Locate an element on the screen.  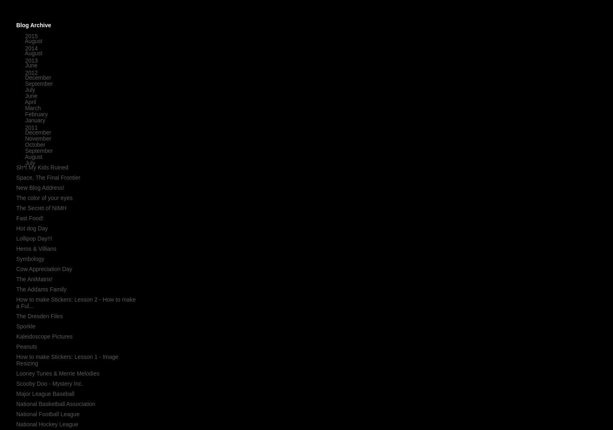
'Cow Appreciation Day' is located at coordinates (44, 268).